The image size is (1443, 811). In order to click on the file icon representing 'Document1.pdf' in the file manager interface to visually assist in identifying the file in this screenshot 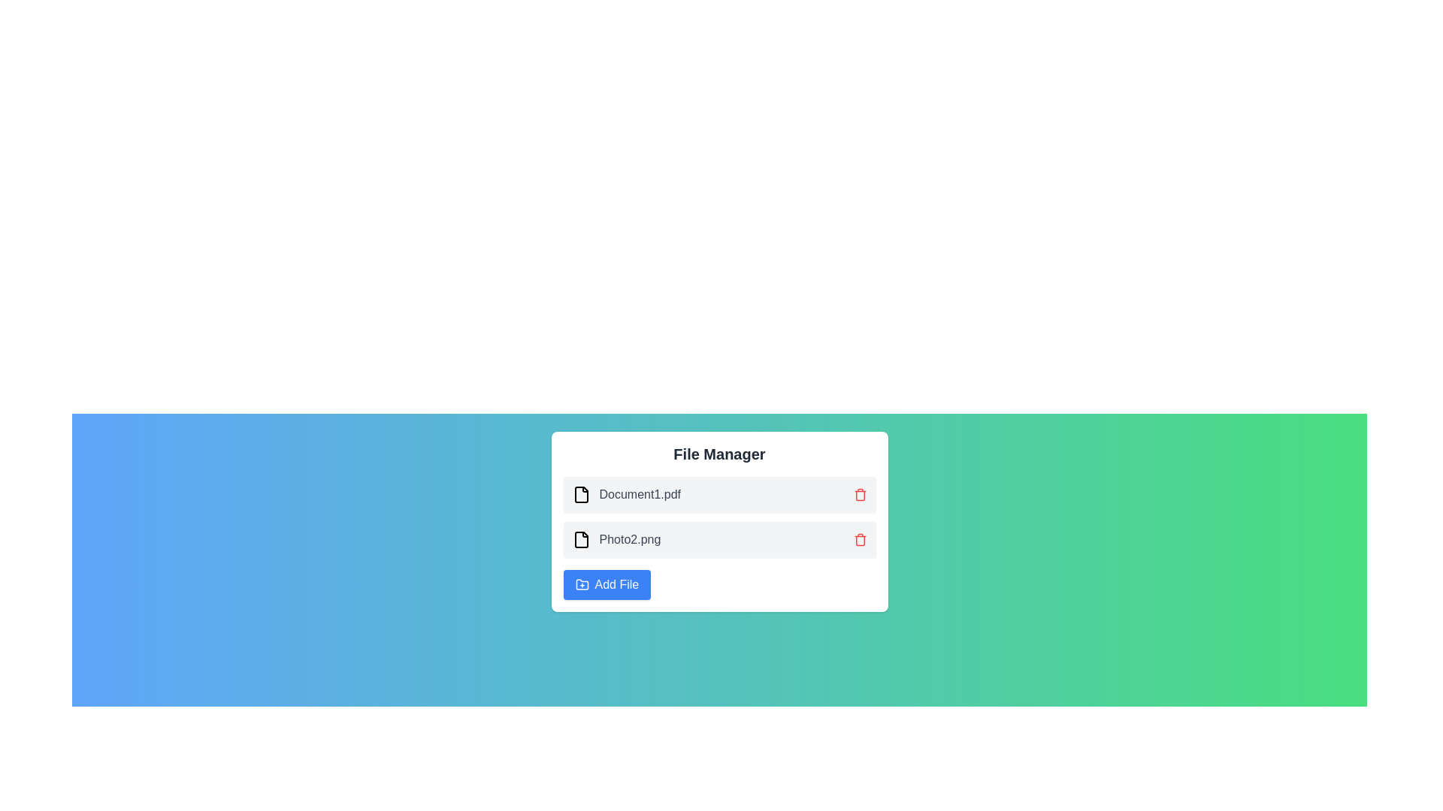, I will do `click(580, 495)`.